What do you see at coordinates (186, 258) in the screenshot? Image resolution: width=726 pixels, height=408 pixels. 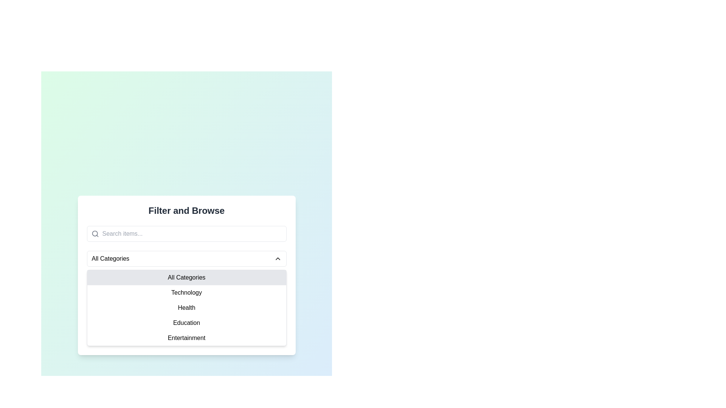 I see `the 'All Categories' dropdown menu, which is the first interactive element below the search bar, highlighted by its rounded corners and light border` at bounding box center [186, 258].